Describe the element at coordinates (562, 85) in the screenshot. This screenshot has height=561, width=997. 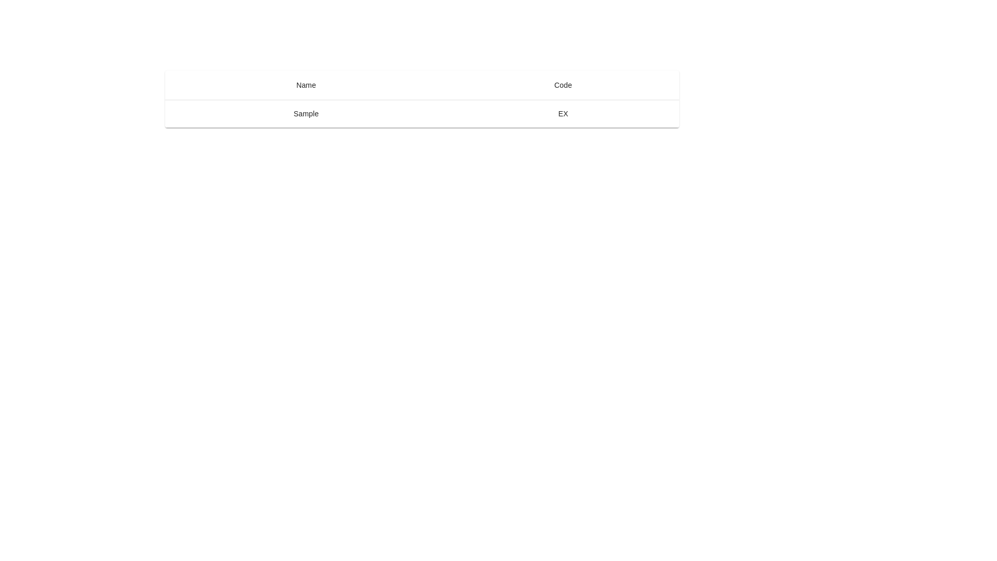
I see `the 'Code' table header cell, which is the second column header in the table, located to the right of the 'Name' header` at that location.